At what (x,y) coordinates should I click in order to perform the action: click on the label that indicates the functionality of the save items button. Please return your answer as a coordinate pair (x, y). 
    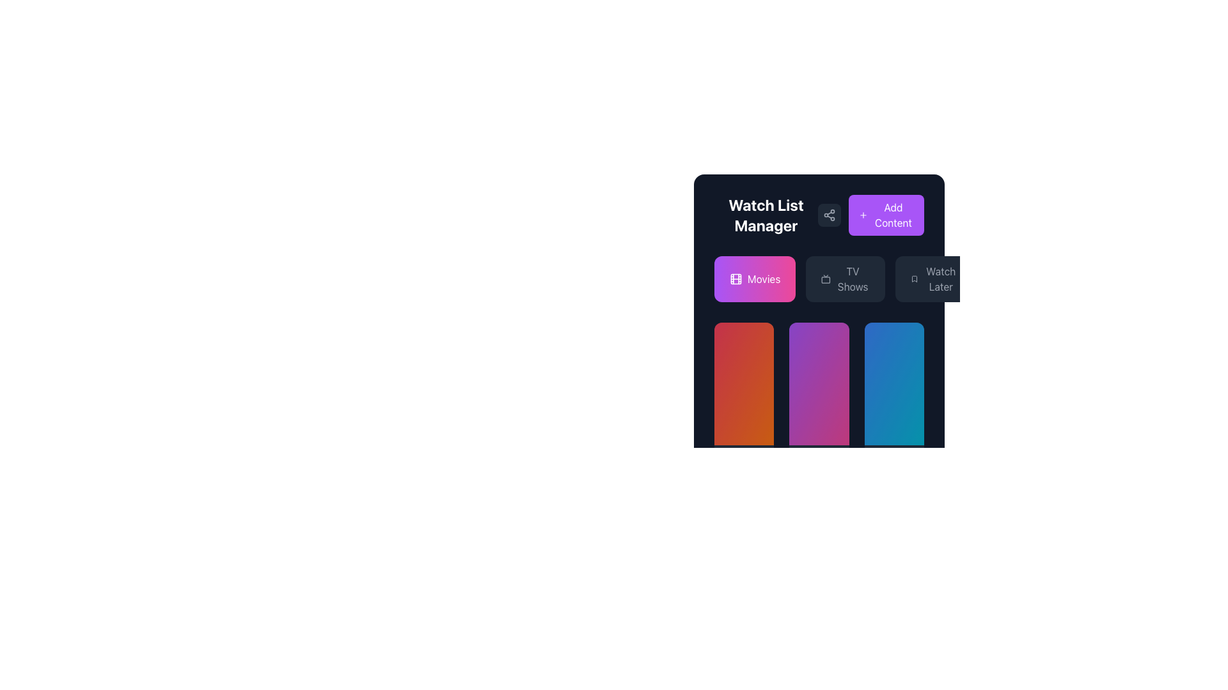
    Looking at the image, I should click on (941, 278).